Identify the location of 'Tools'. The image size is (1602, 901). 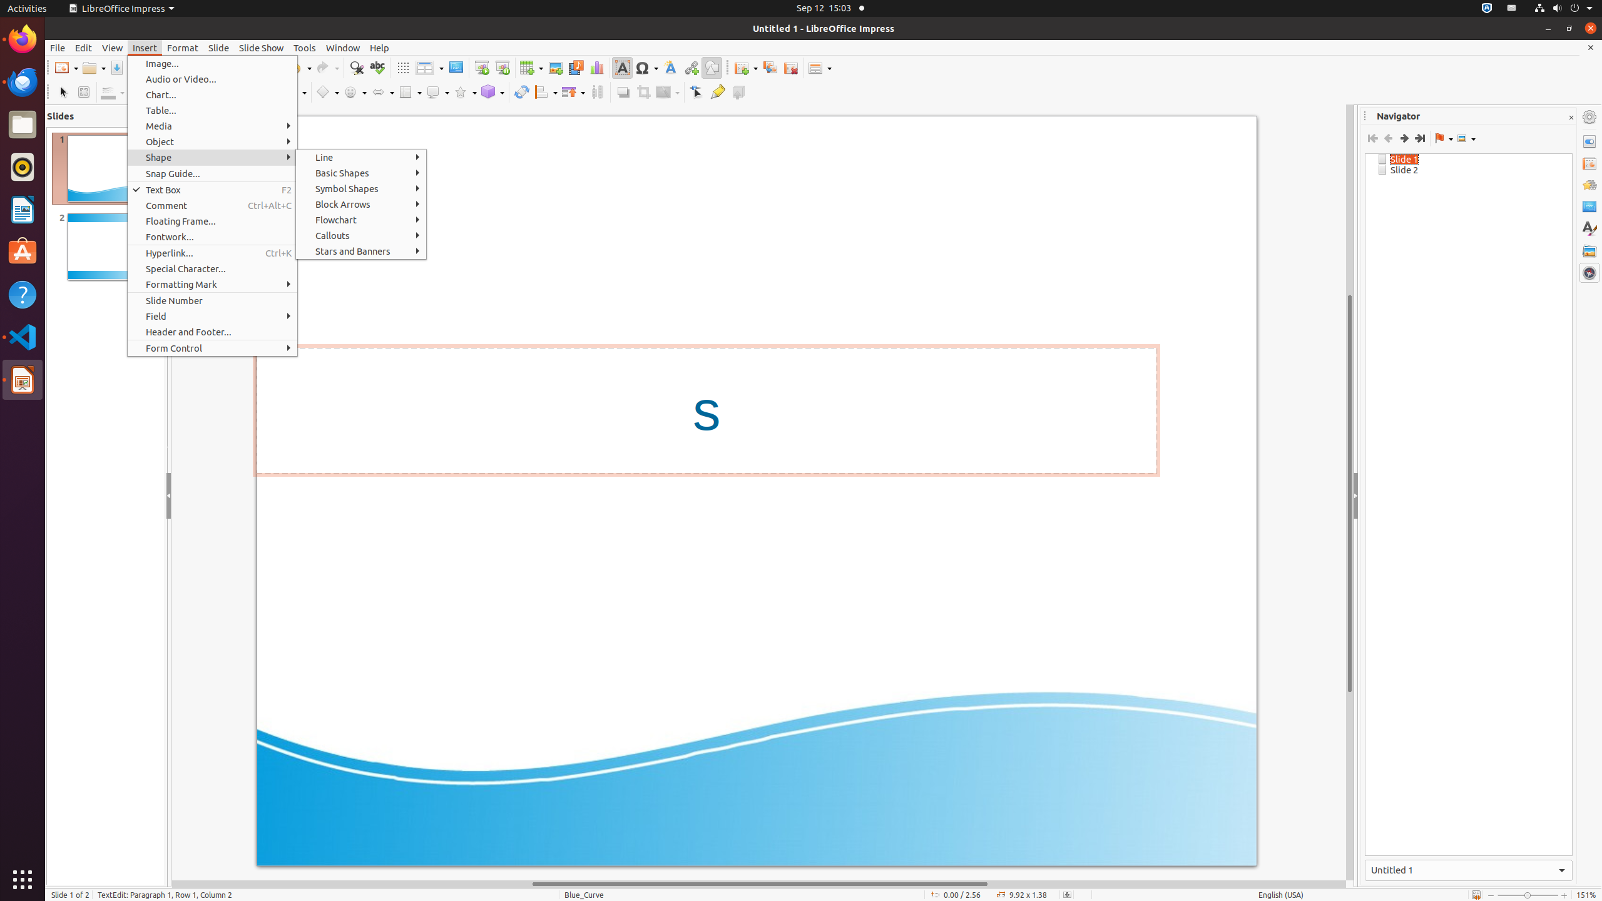
(304, 48).